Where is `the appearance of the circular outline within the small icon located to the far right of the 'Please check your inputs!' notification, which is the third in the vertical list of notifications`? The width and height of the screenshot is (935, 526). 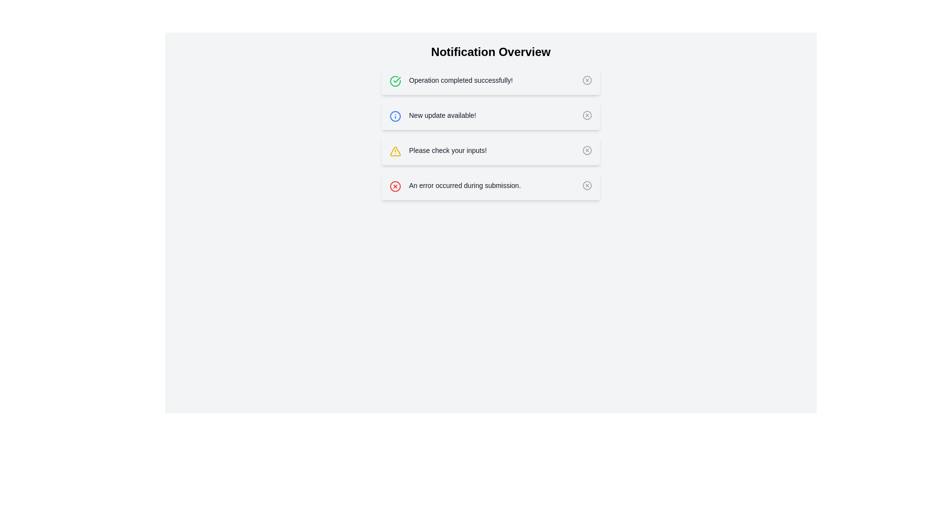 the appearance of the circular outline within the small icon located to the far right of the 'Please check your inputs!' notification, which is the third in the vertical list of notifications is located at coordinates (586, 150).